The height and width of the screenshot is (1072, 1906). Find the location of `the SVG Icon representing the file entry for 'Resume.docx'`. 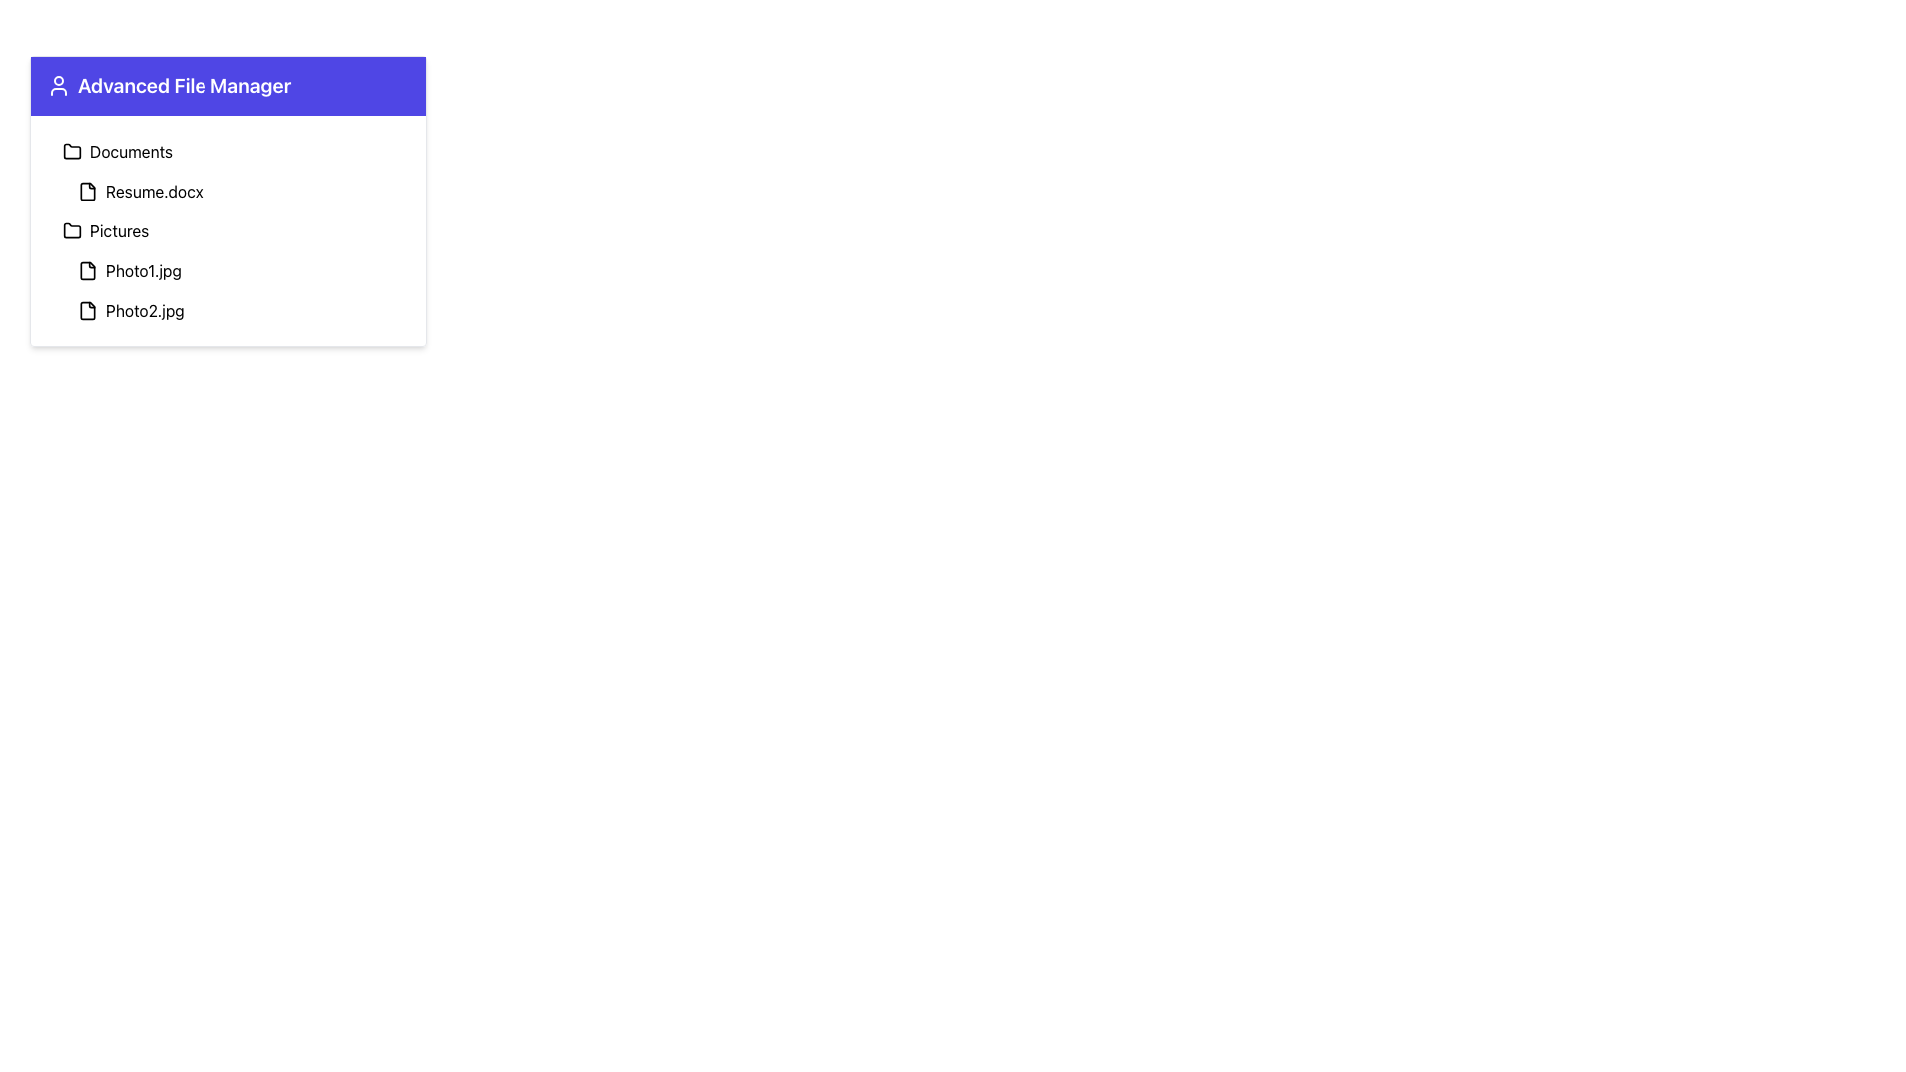

the SVG Icon representing the file entry for 'Resume.docx' is located at coordinates (87, 191).